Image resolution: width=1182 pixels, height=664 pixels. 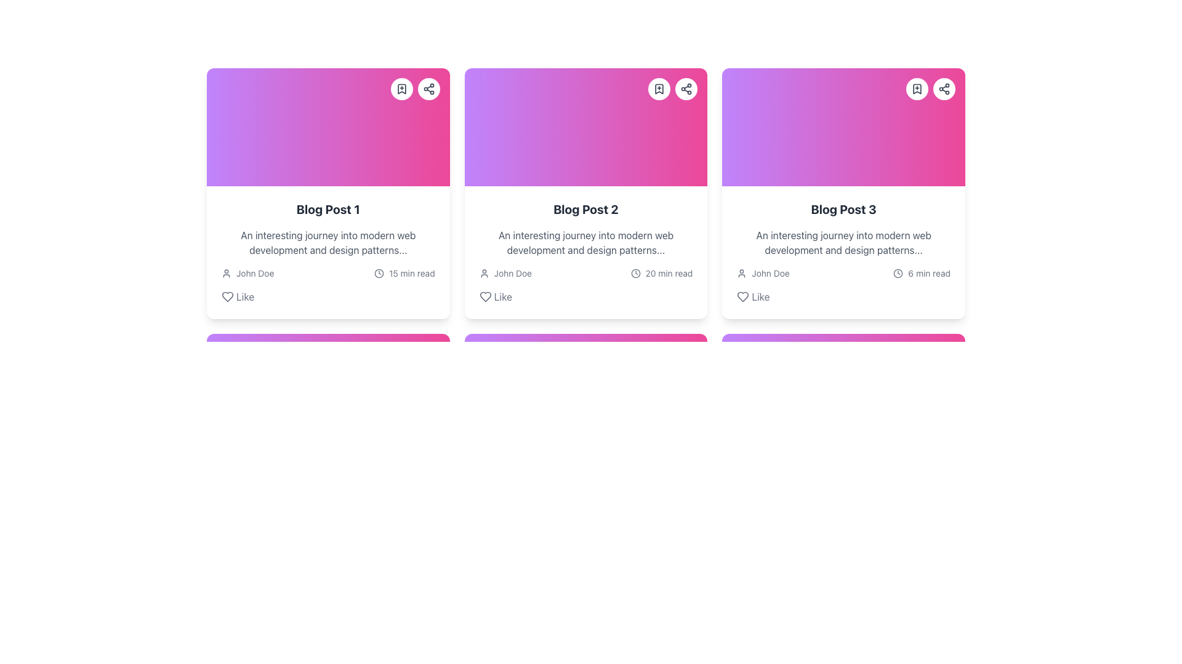 What do you see at coordinates (254, 272) in the screenshot?
I see `the text label displaying 'John Doe' located next to the user profile icon in the first blog card (Blog Post 1)` at bounding box center [254, 272].